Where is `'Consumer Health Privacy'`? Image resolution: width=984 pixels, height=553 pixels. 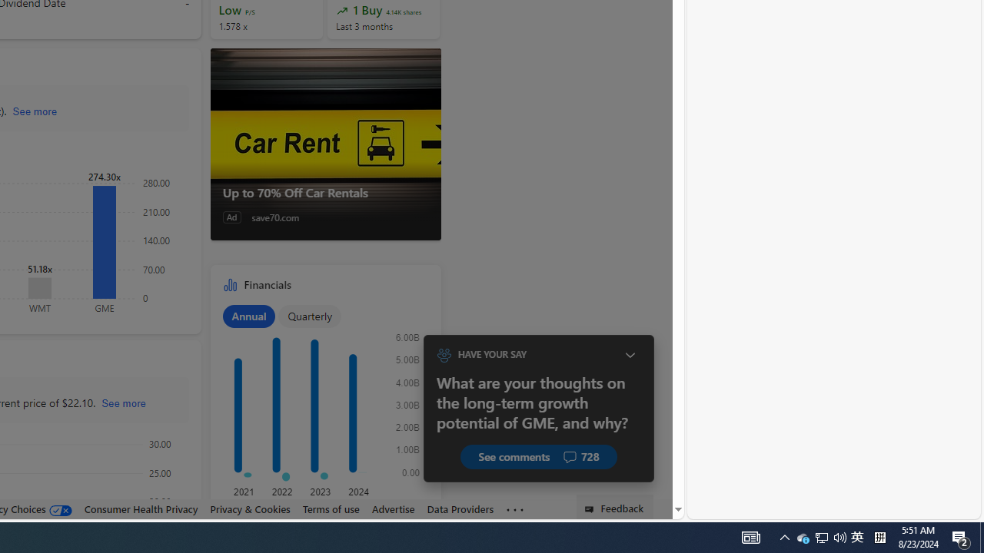 'Consumer Health Privacy' is located at coordinates (141, 509).